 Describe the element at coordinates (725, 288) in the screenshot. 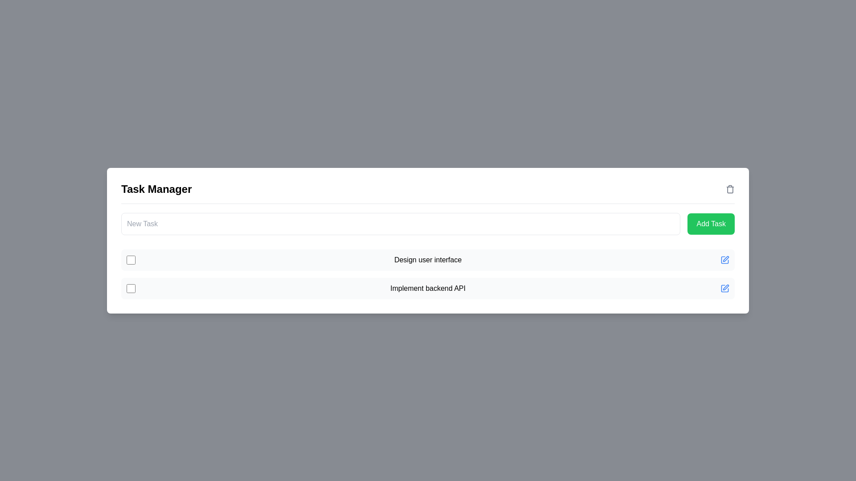

I see `the square with rounded edges vector graphic icon located in the far-right area of the second task item` at that location.